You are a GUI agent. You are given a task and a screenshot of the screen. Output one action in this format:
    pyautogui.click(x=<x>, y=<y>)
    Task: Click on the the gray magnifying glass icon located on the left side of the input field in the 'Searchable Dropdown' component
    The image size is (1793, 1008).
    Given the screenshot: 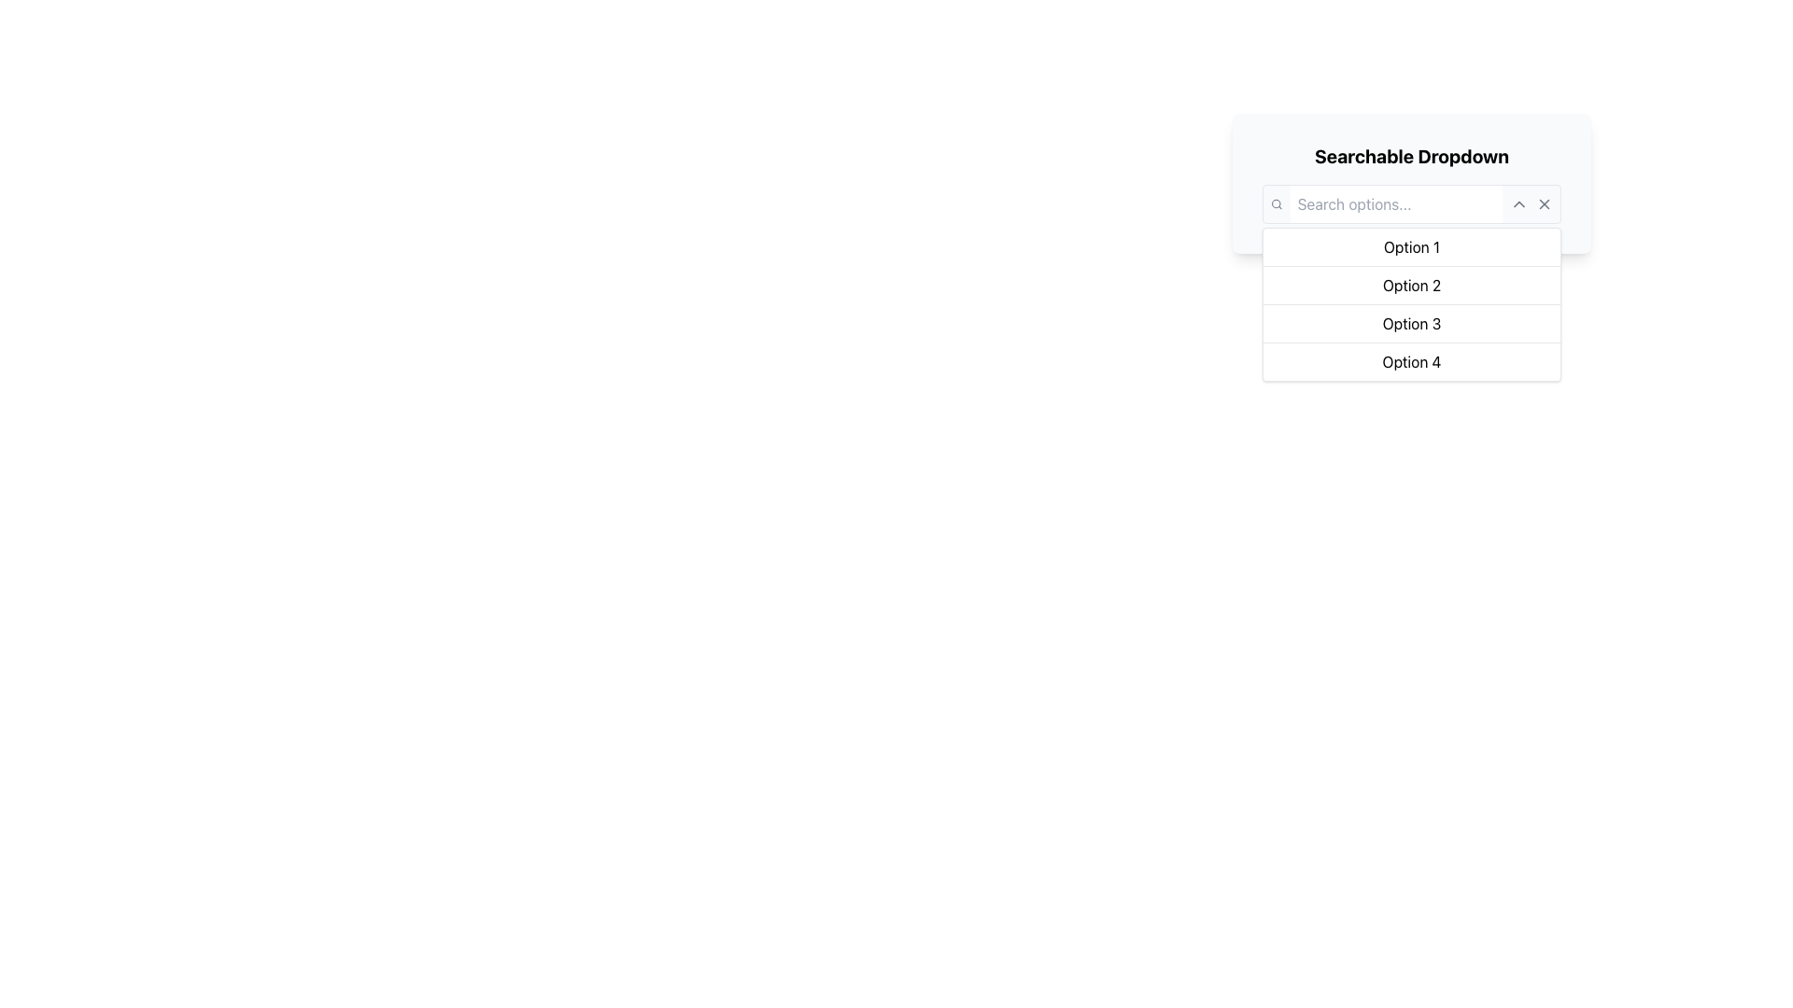 What is the action you would take?
    pyautogui.click(x=1276, y=204)
    